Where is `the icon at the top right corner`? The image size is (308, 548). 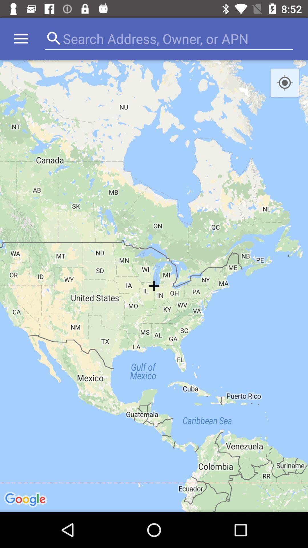 the icon at the top right corner is located at coordinates (285, 83).